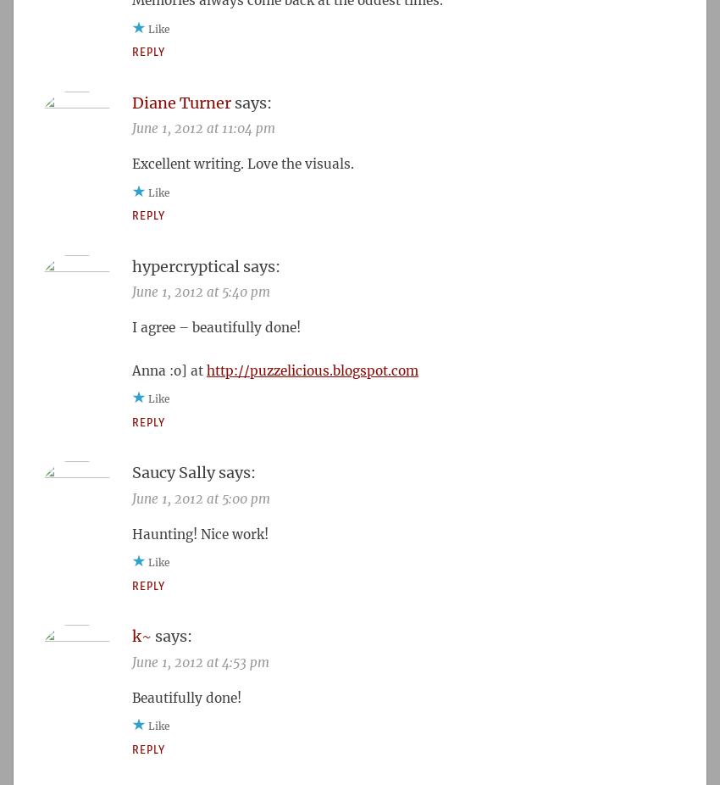  Describe the element at coordinates (201, 292) in the screenshot. I see `'June 1, 2012 at 5:40 pm'` at that location.